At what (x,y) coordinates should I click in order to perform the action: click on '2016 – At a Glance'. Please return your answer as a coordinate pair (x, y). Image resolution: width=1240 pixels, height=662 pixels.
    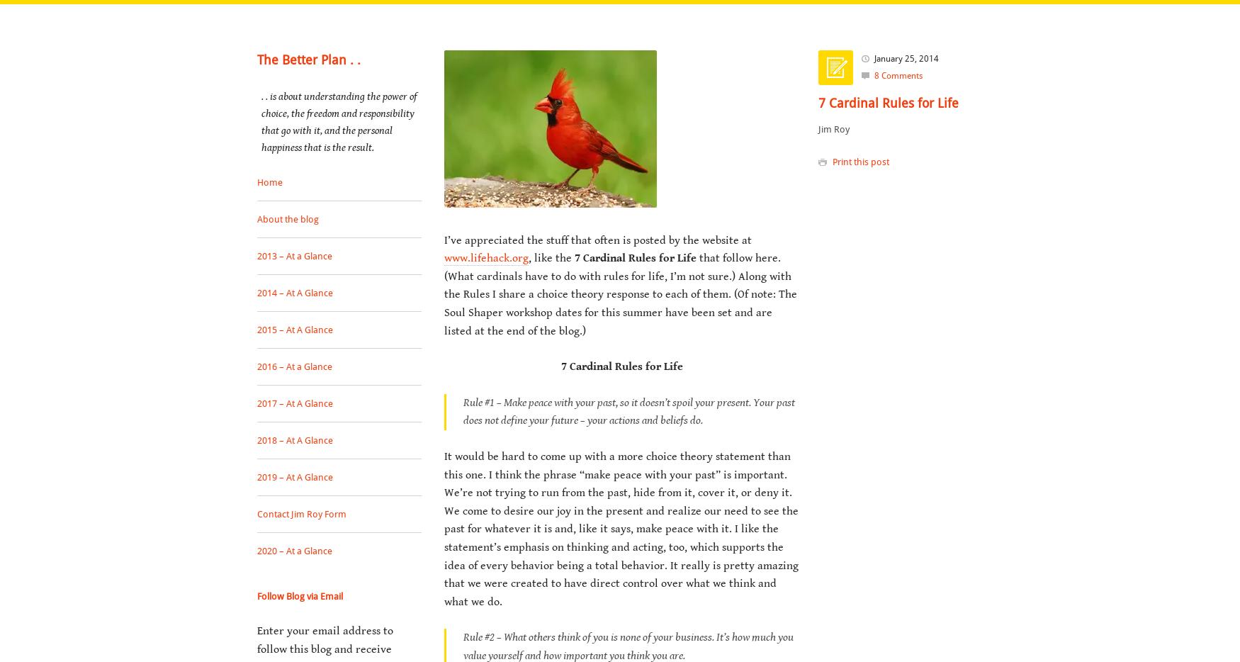
    Looking at the image, I should click on (293, 366).